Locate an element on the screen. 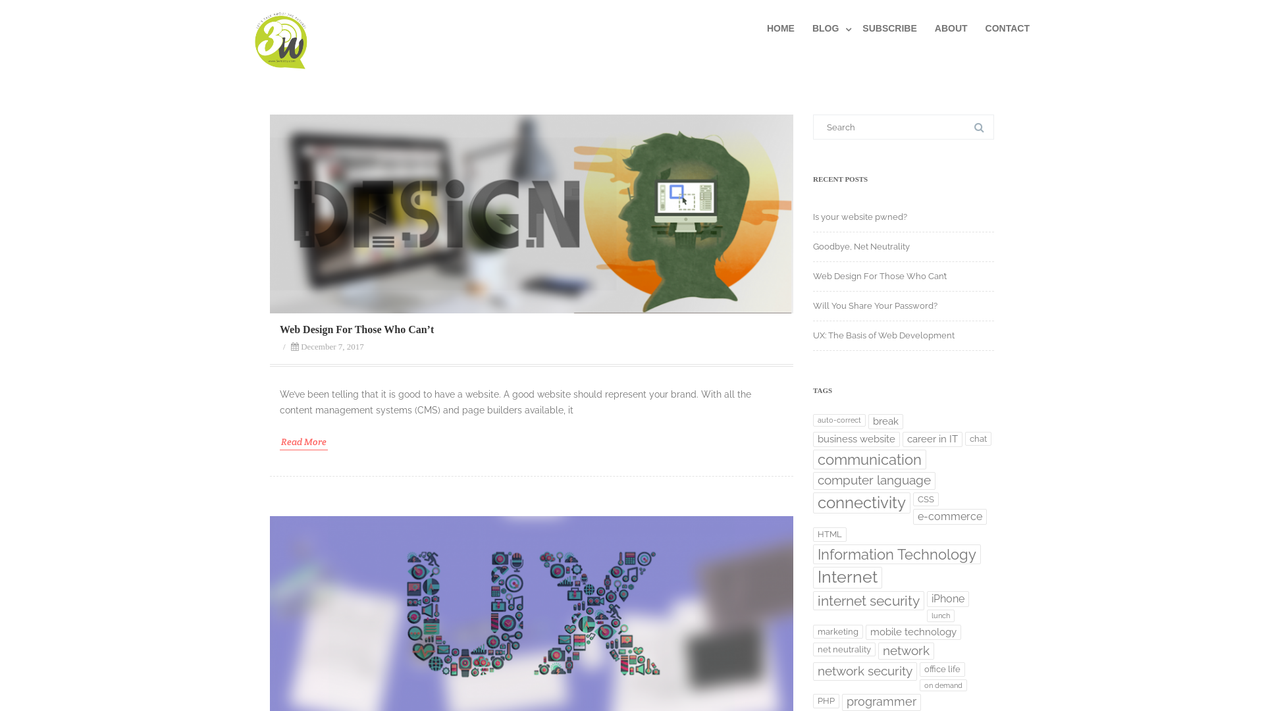 This screenshot has width=1264, height=711. 'business website' is located at coordinates (812, 439).